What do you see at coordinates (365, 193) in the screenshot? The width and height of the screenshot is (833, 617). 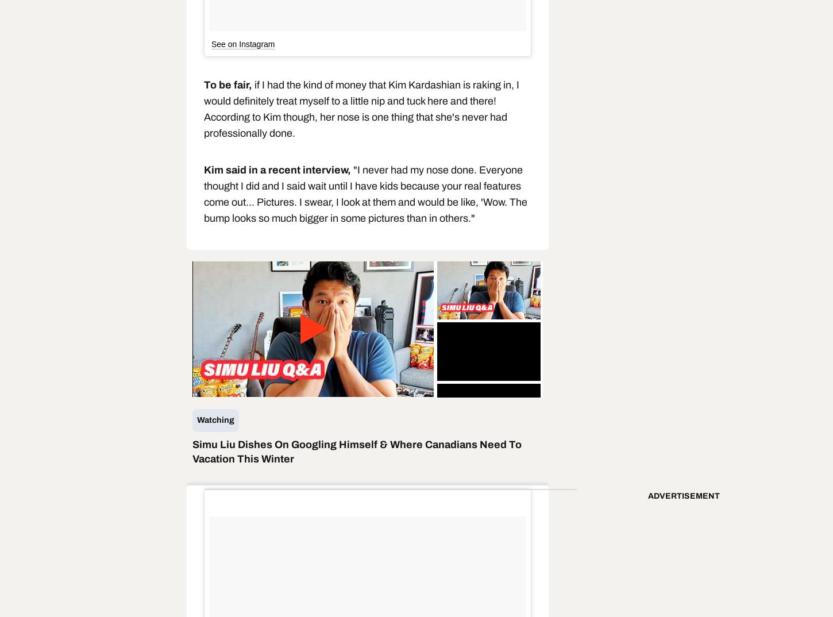 I see `'"I never had my nose done. Everyone thought I did and I said wait until I have kids because your real features come out... Pictures. I swear, I look at them and would be like, 'Wow. The bump looks so much bigger in some pictures than in others."'` at bounding box center [365, 193].